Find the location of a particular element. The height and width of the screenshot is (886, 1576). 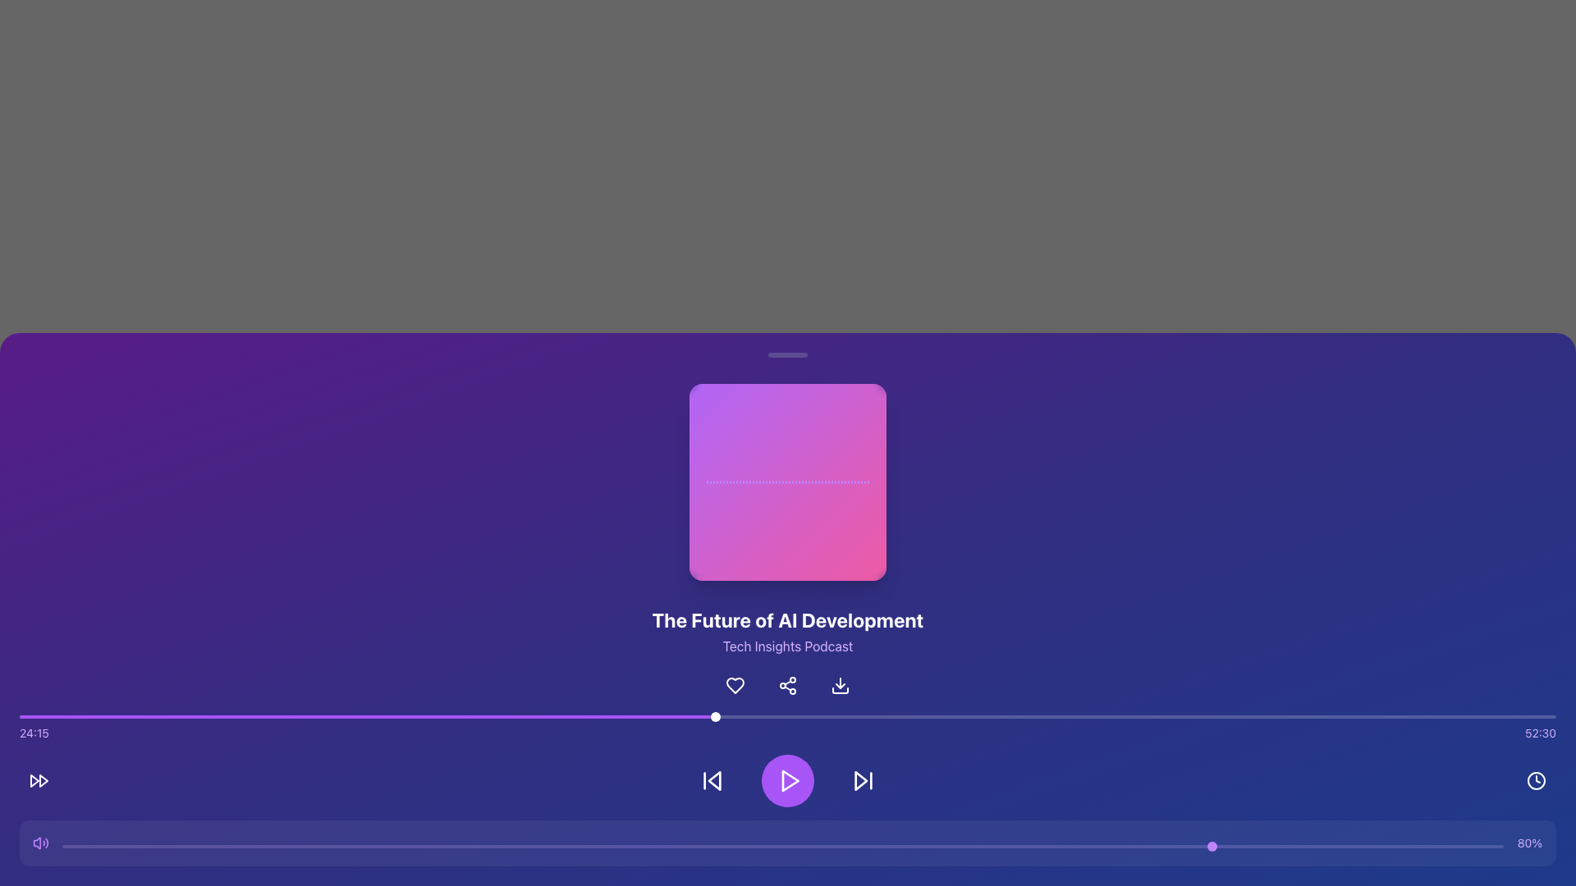

the interactive share button located between the heart-shaped icon and the download arrow icon under the title 'The Future of AI Development' to trigger tooltip or highlight effects is located at coordinates (788, 686).